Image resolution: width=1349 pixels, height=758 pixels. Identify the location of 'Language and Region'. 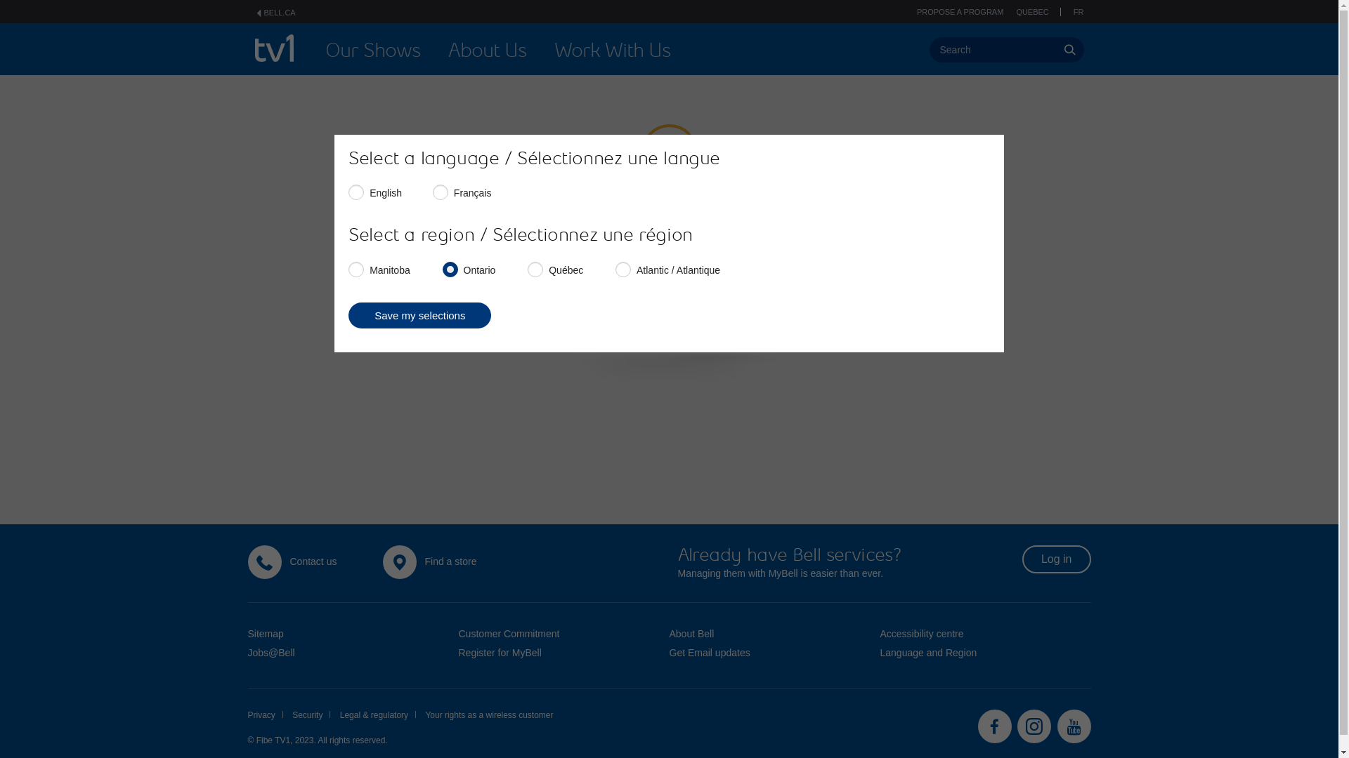
(927, 652).